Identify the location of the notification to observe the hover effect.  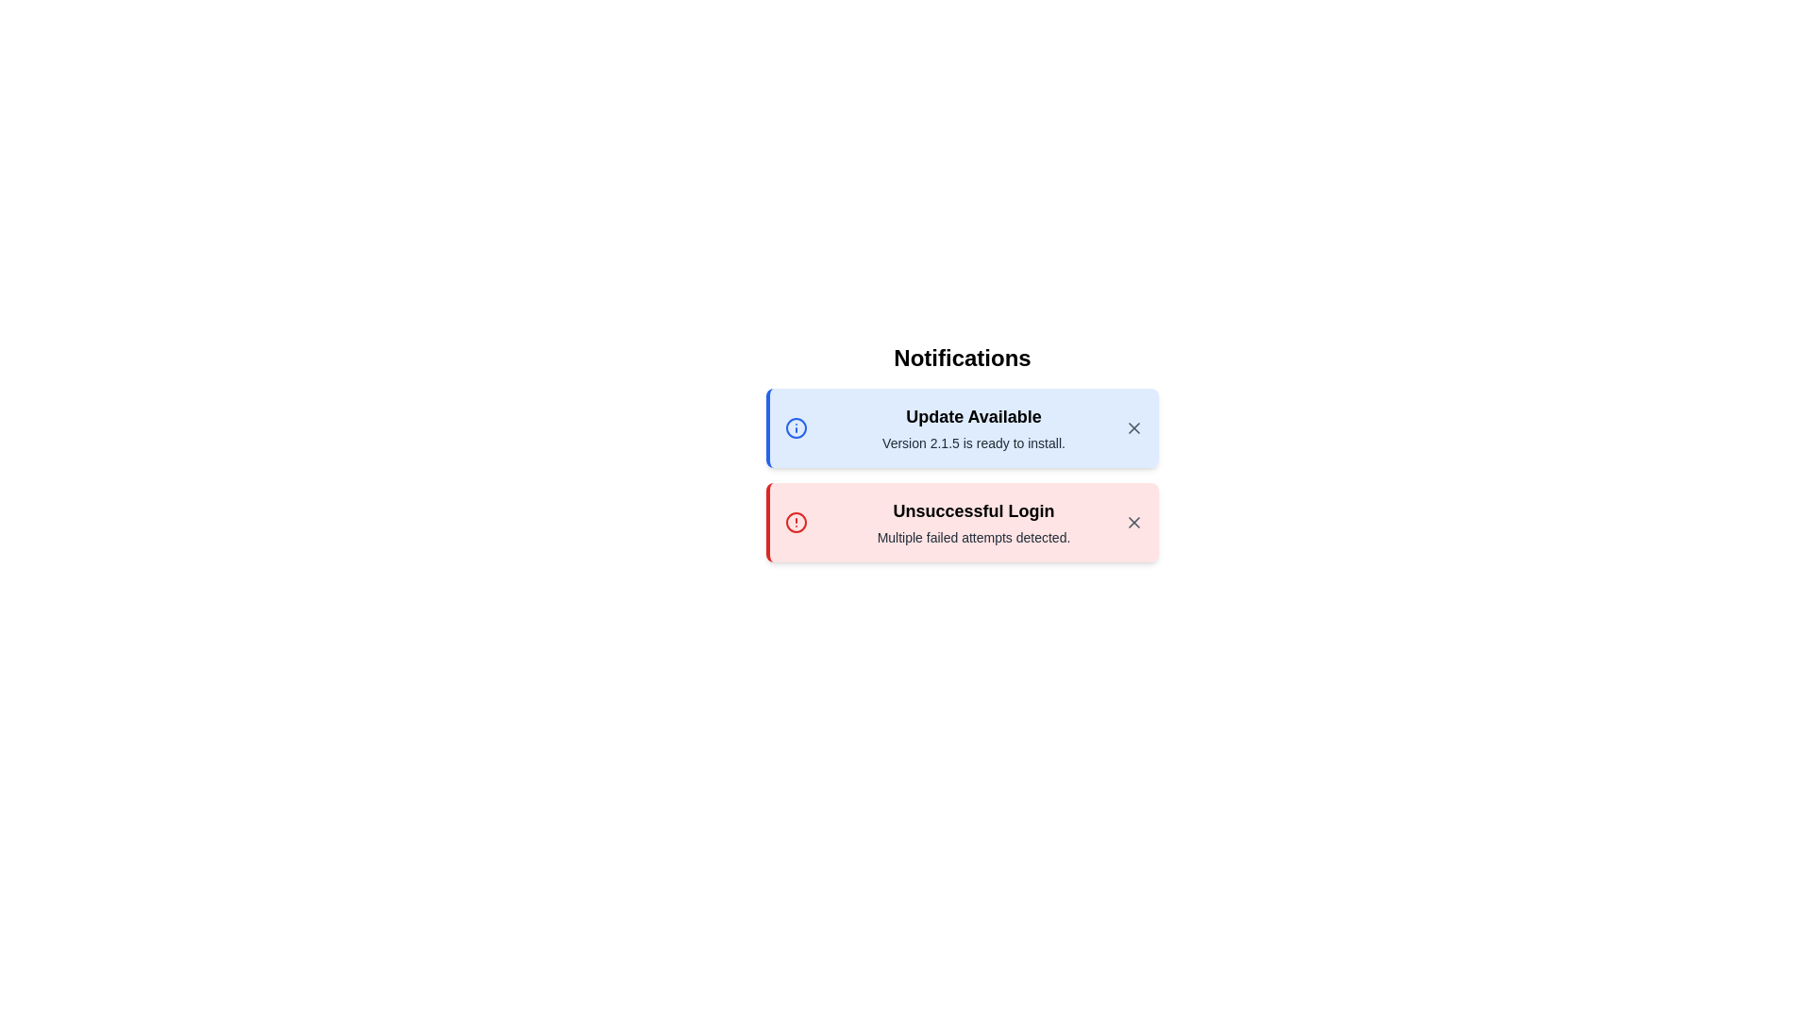
(962, 428).